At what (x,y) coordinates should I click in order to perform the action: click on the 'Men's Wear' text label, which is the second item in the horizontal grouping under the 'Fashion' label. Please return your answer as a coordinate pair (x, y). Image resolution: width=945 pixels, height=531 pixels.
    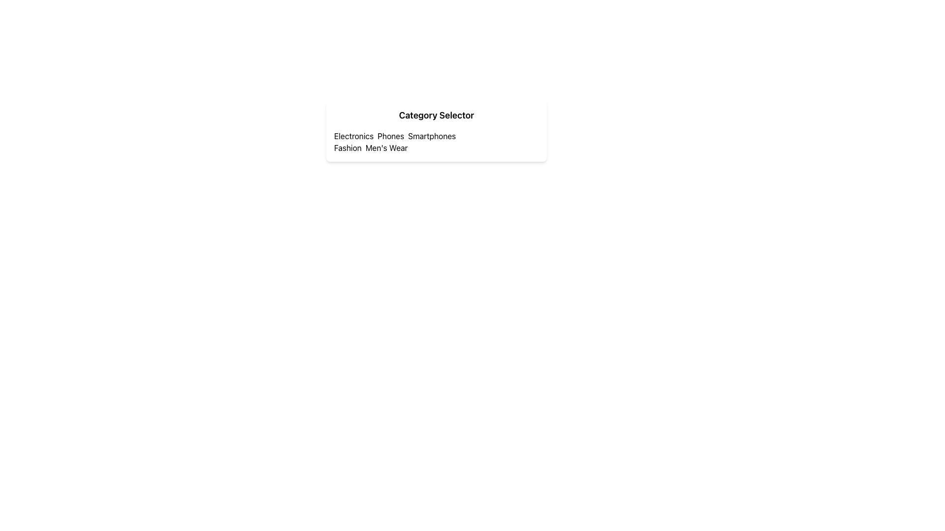
    Looking at the image, I should click on (386, 147).